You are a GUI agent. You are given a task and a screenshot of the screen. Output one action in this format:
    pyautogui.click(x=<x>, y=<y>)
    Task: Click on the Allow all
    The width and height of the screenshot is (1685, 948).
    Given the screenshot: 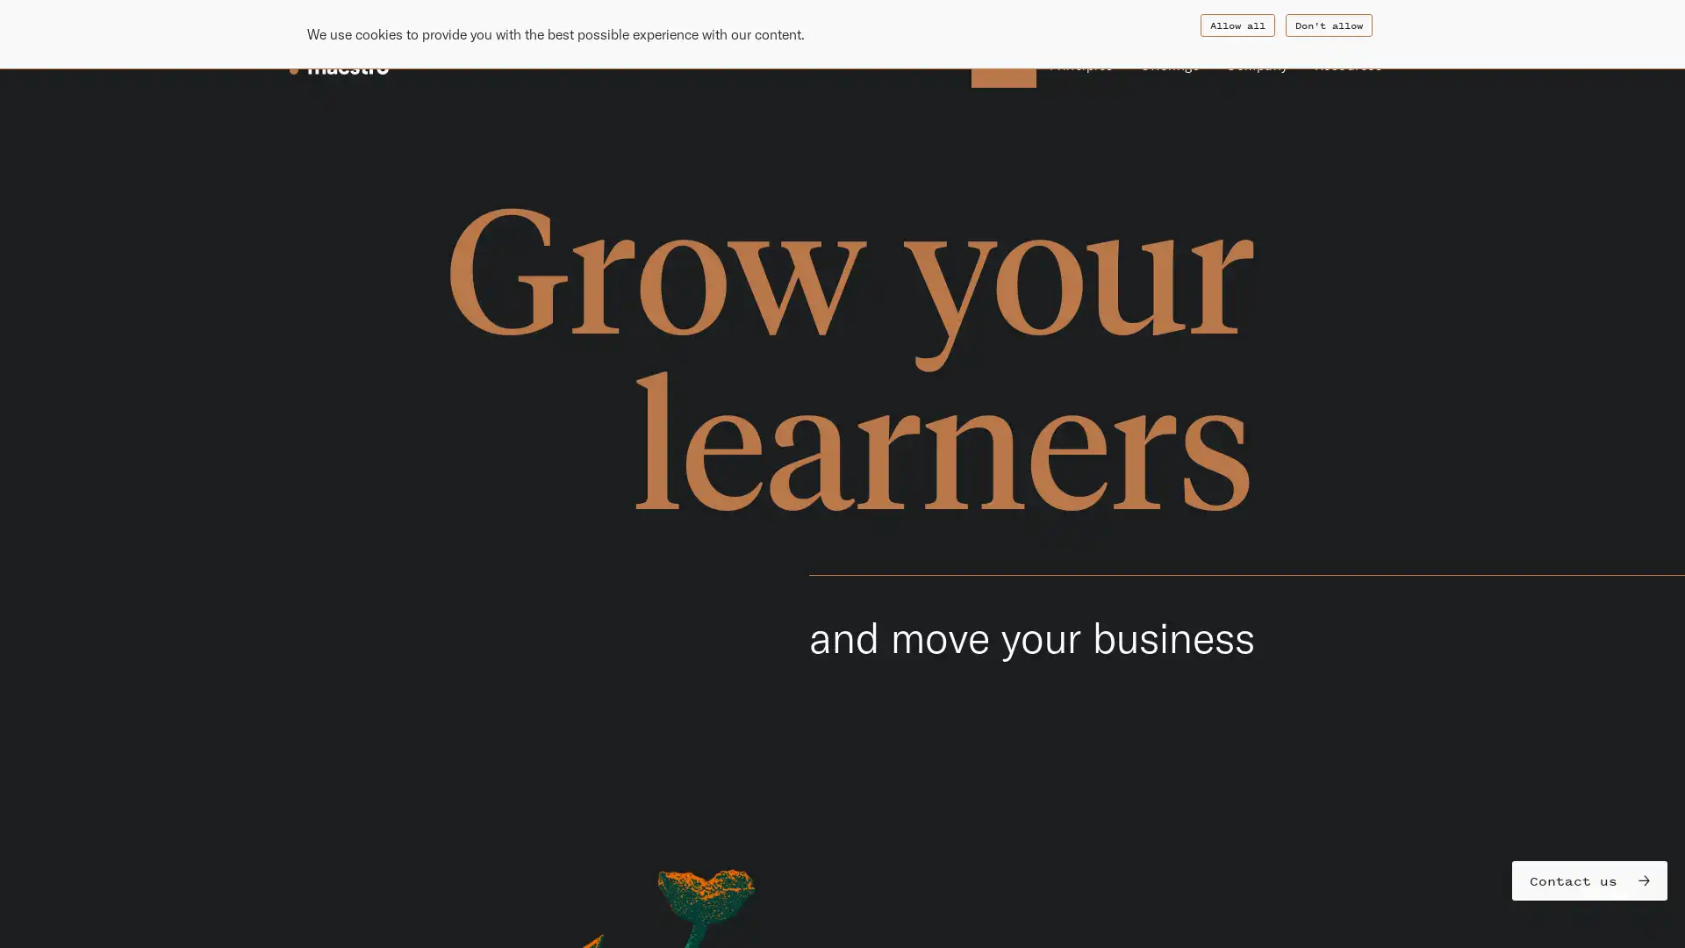 What is the action you would take?
    pyautogui.click(x=1237, y=25)
    